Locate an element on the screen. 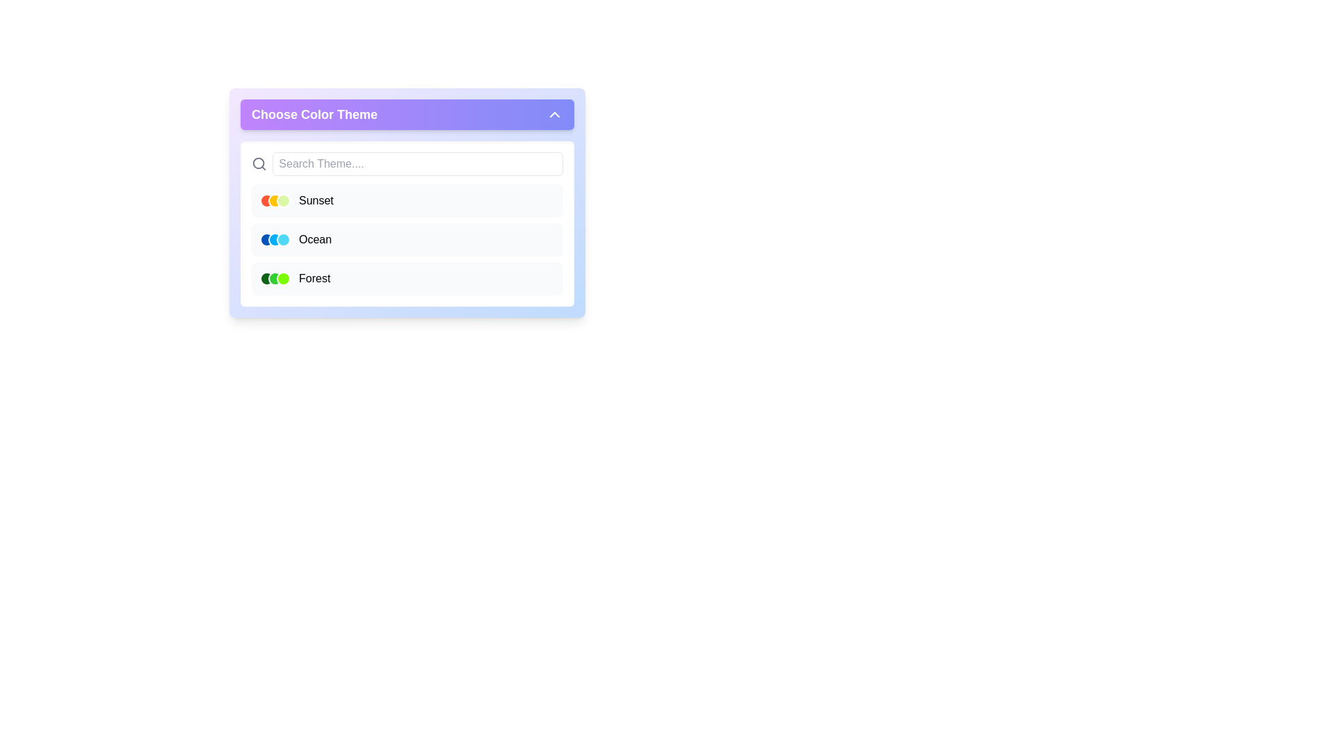  the circular gray icon that is part of the search magnifying glass illustration located near the upper-left area of the search bar is located at coordinates (259, 163).